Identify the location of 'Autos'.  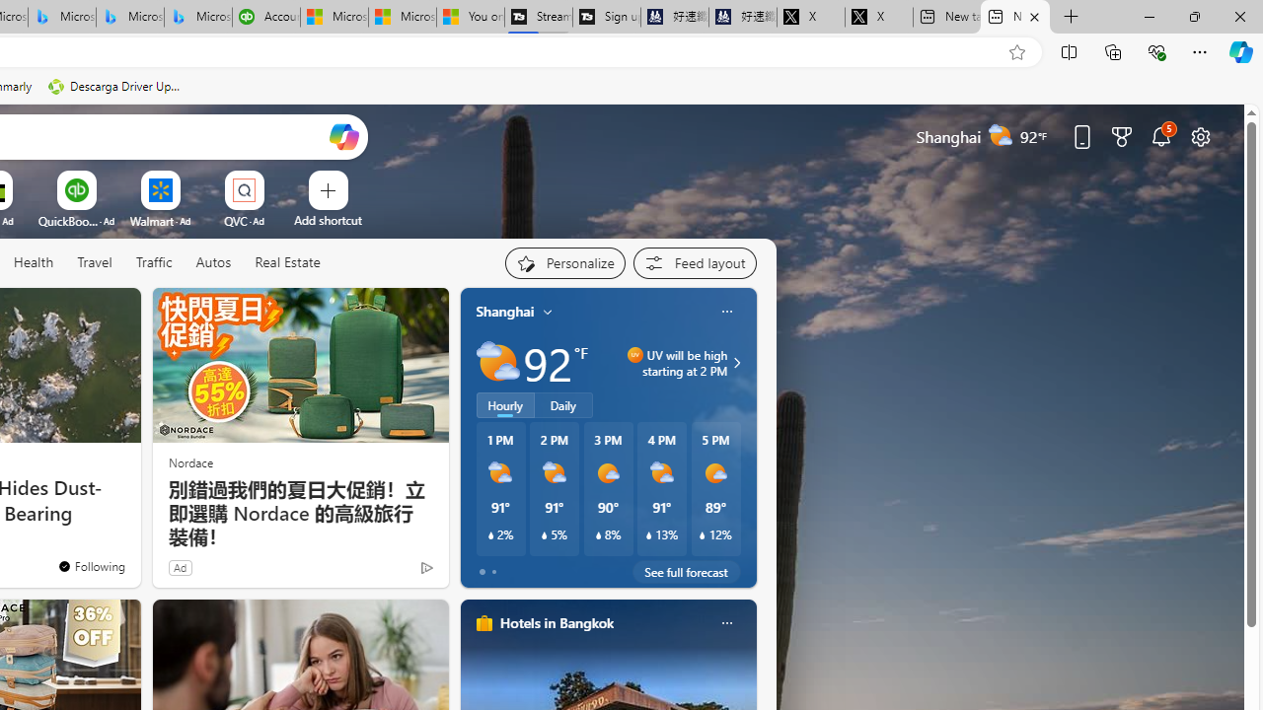
(213, 262).